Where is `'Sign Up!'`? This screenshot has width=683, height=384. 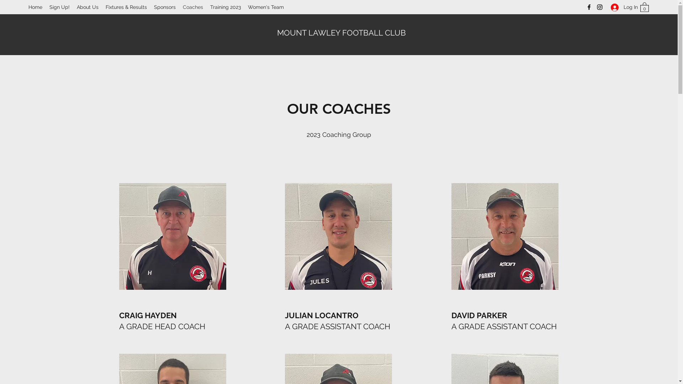
'Sign Up!' is located at coordinates (46, 7).